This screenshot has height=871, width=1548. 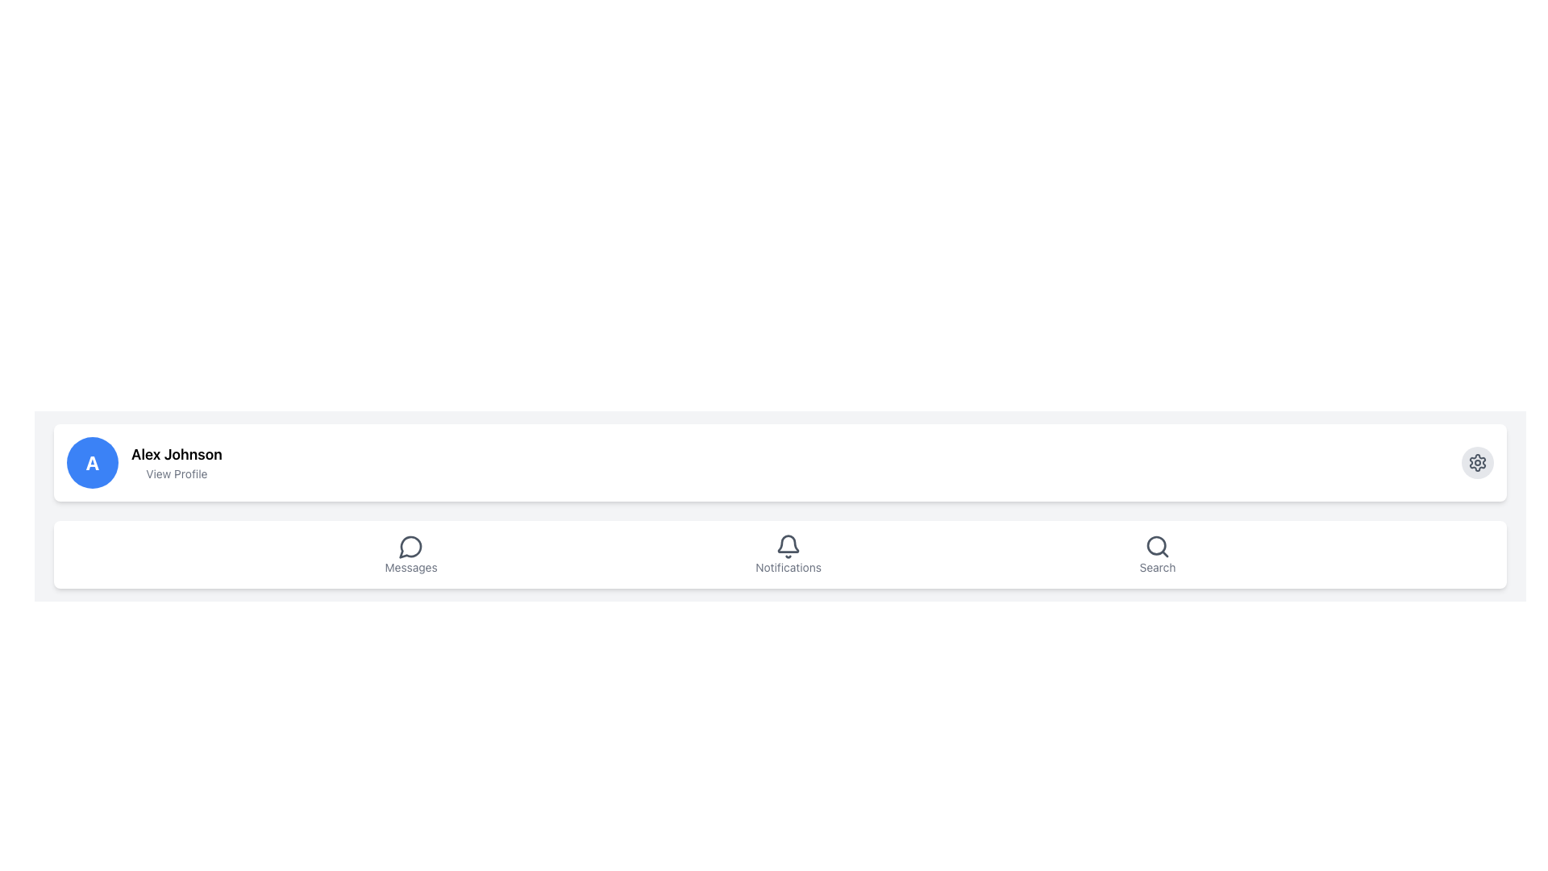 I want to click on informational text displayed in the Text Label, which is positioned centered below the name 'Alex Johnson' and follows the profile avatar, so click(x=177, y=473).